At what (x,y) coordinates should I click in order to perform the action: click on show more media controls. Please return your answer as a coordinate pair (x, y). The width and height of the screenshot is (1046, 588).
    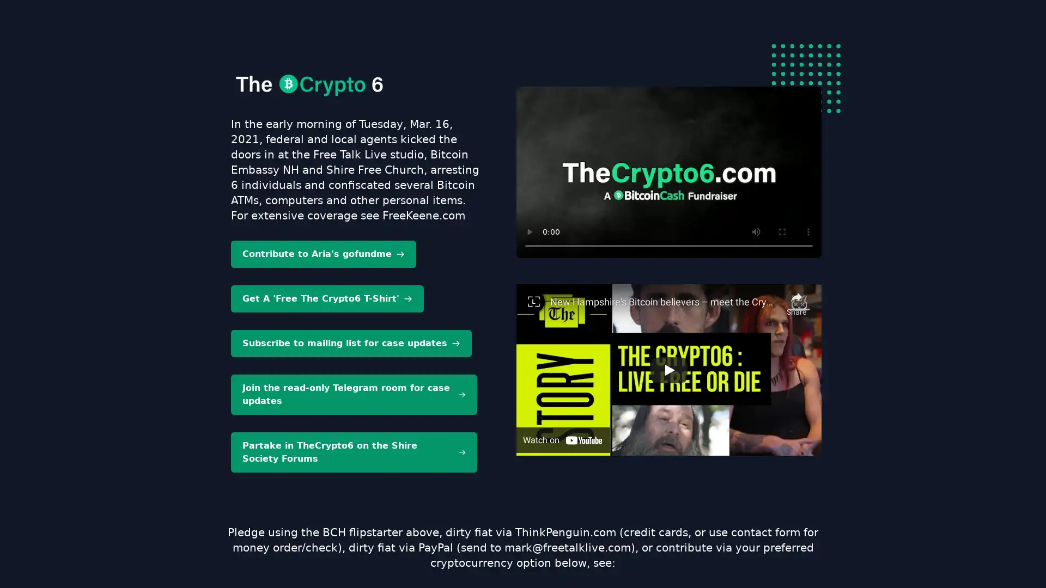
    Looking at the image, I should click on (808, 231).